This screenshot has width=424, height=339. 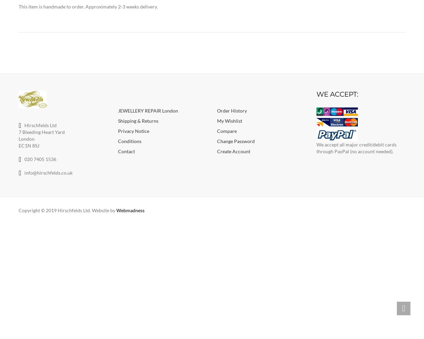 What do you see at coordinates (67, 210) in the screenshot?
I see `'Copyright © 2019 Hirschfelds Ltd. Website by'` at bounding box center [67, 210].